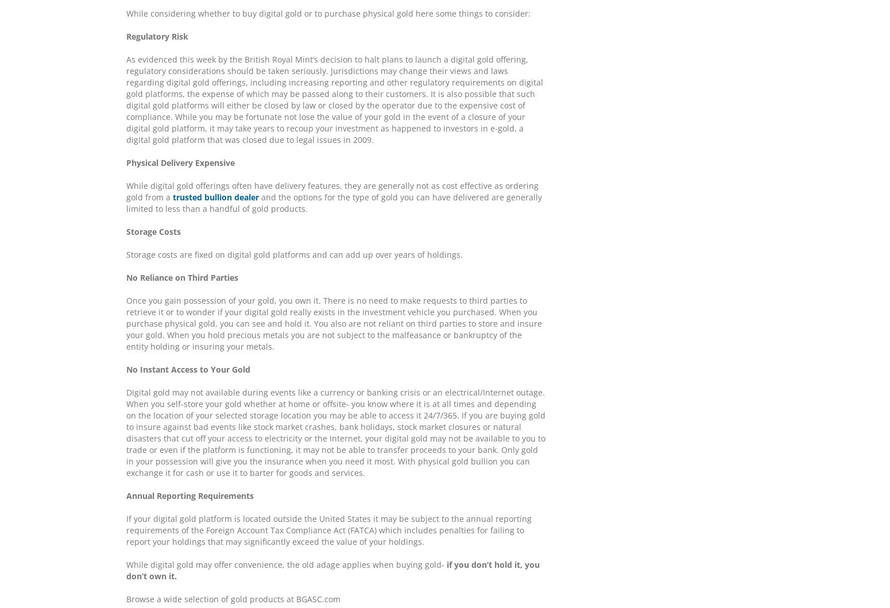 The width and height of the screenshot is (890, 608). I want to click on 'No Instant Access to Your Gold', so click(187, 369).